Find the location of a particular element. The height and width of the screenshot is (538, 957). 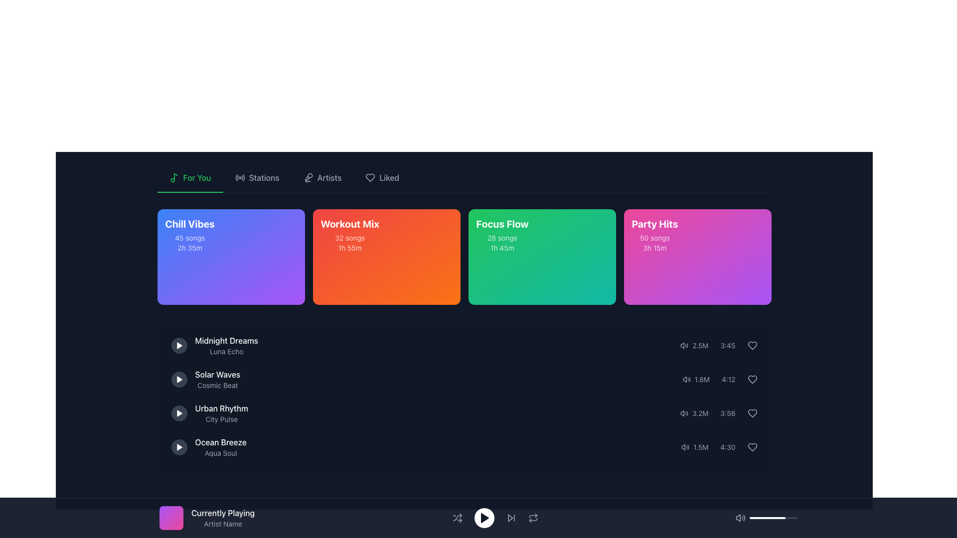

the 'Next' button located in the bottom toolbar, which is the fourth button from the left is located at coordinates (511, 518).